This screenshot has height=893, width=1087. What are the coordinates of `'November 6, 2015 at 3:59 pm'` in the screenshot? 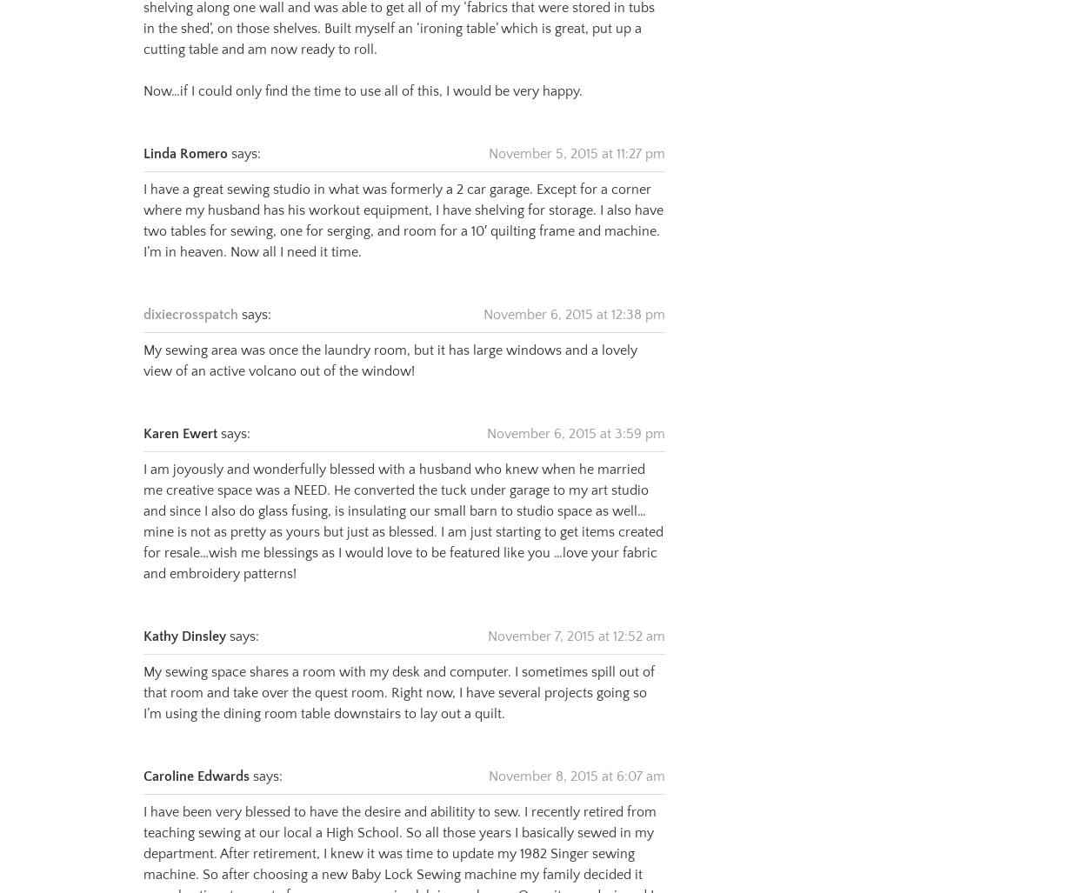 It's located at (576, 411).